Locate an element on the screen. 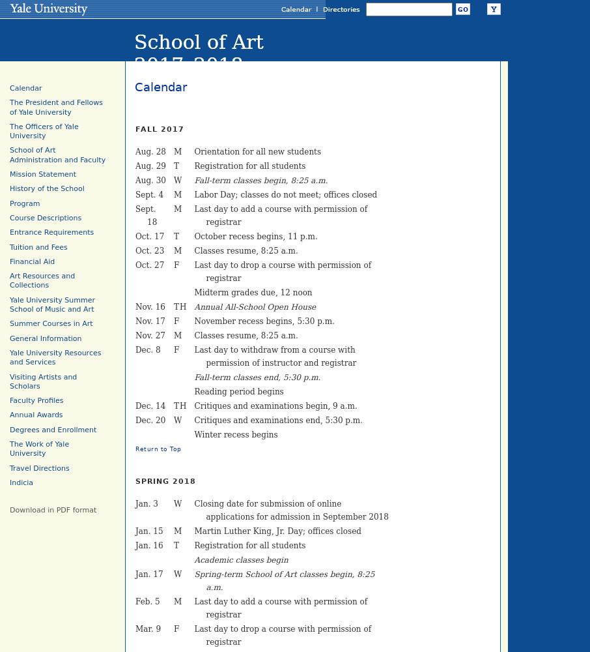 The height and width of the screenshot is (652, 590). 'Yale University Resources and Services' is located at coordinates (55, 357).